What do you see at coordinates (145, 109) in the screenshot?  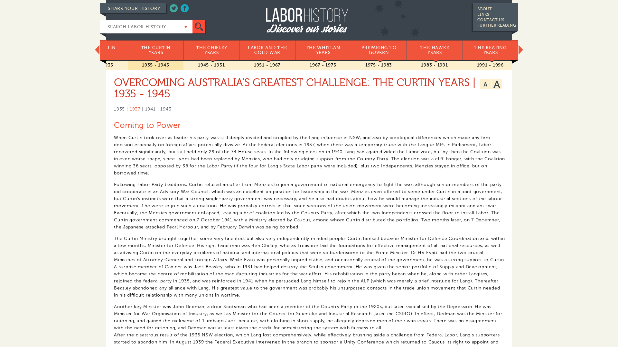 I see `'1941'` at bounding box center [145, 109].